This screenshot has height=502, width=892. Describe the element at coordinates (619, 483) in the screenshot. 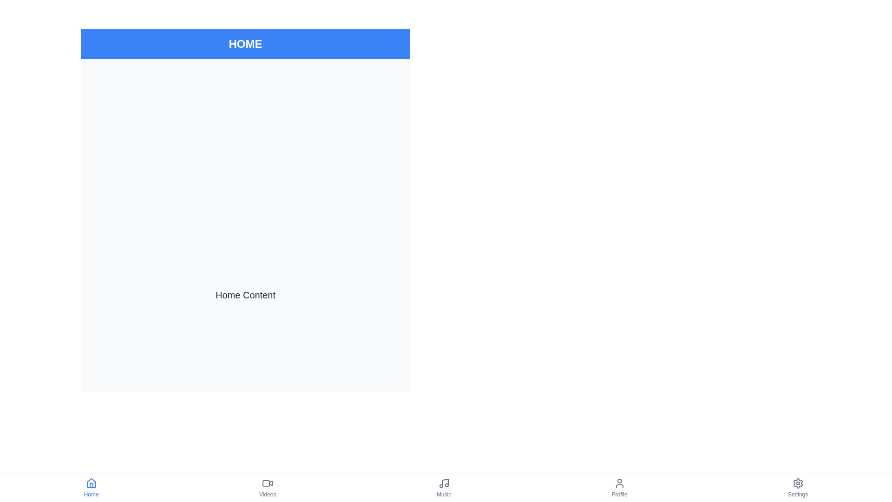

I see `the profile icon, which resembles a person and is located in the bottom navigation bar under the 'Profile' label` at that location.